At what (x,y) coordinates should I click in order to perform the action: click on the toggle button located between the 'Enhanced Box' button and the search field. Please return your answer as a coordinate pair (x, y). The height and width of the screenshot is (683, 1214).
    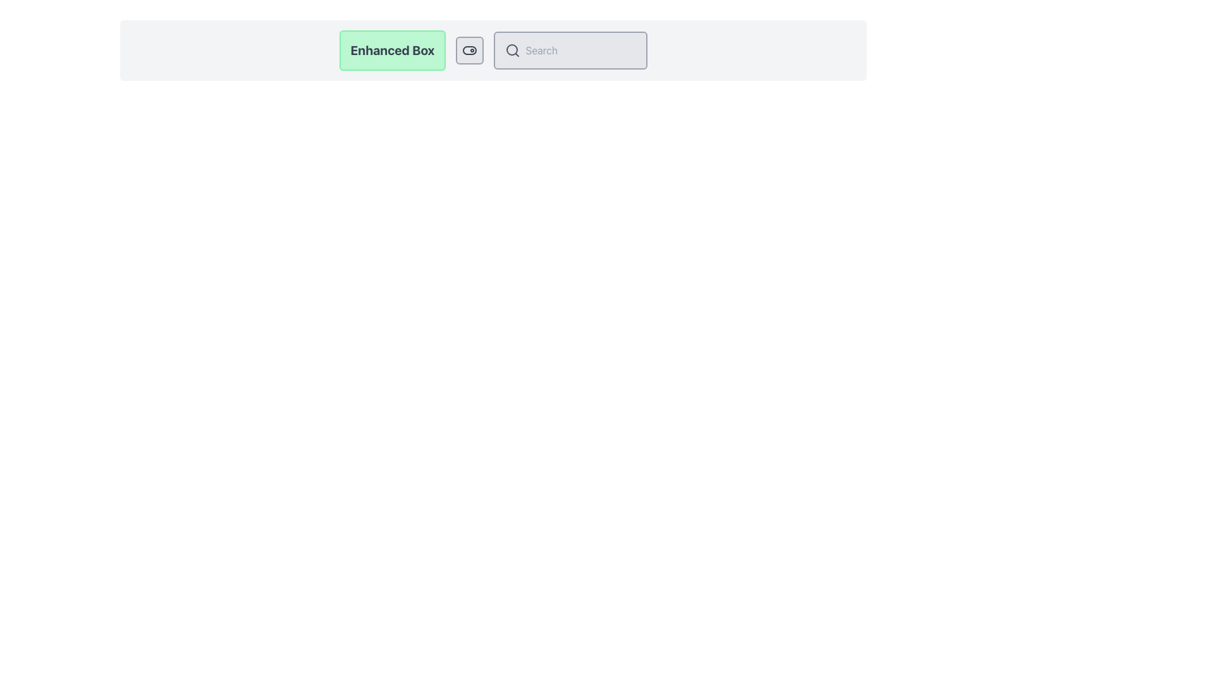
    Looking at the image, I should click on (469, 50).